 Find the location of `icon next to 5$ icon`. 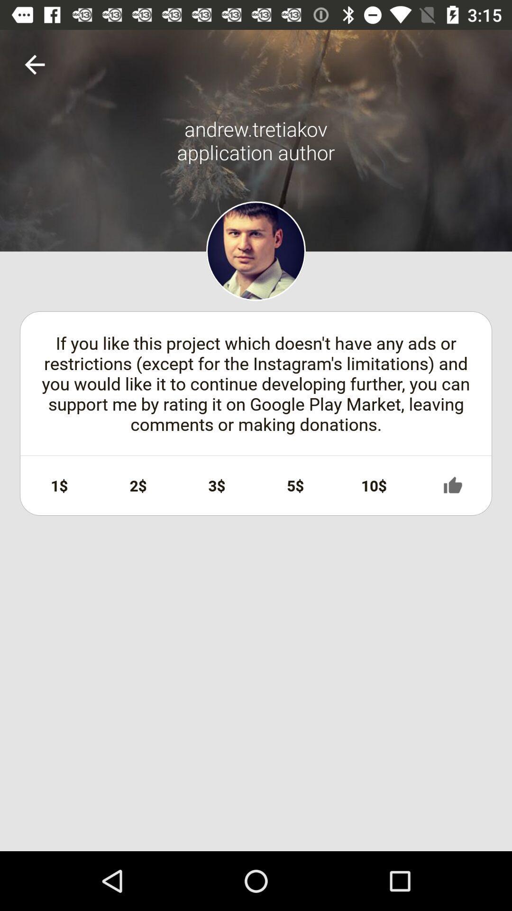

icon next to 5$ icon is located at coordinates (217, 485).